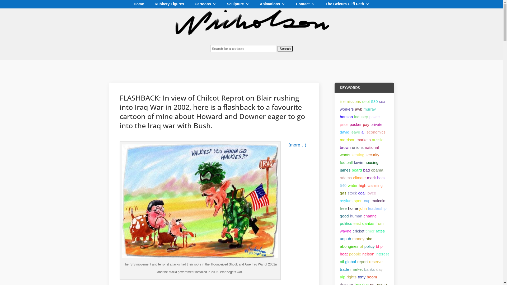 The height and width of the screenshot is (285, 507). Describe the element at coordinates (341, 101) in the screenshot. I see `'ir'` at that location.